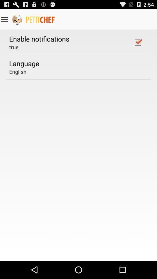  Describe the element at coordinates (14, 46) in the screenshot. I see `the app below enable notifications app` at that location.